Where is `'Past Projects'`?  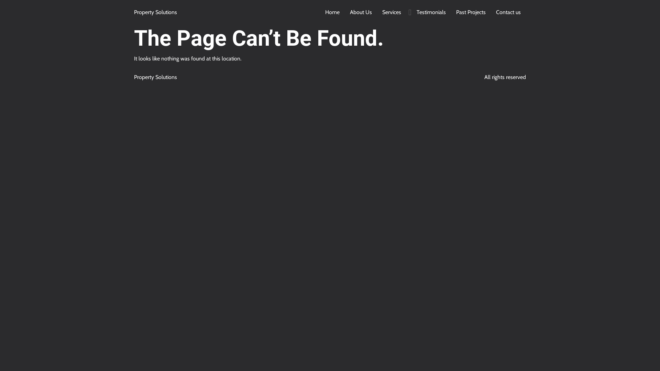 'Past Projects' is located at coordinates (451, 12).